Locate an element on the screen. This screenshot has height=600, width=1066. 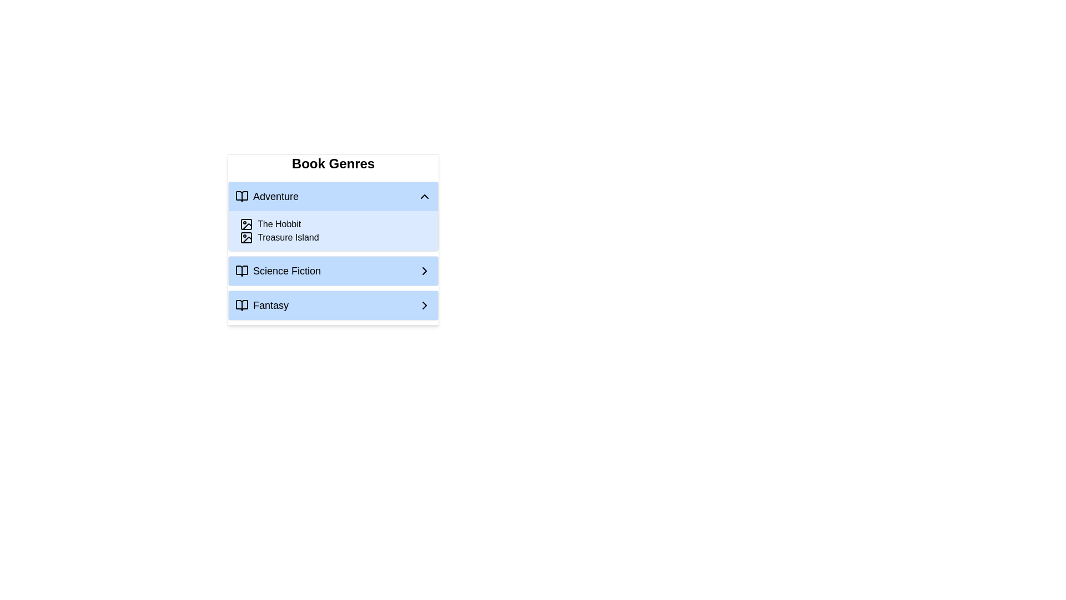
the right-pointing chevron icon located at the far-right side of the 'Fantasy' row in the 'Book Genres' list is located at coordinates (424, 306).